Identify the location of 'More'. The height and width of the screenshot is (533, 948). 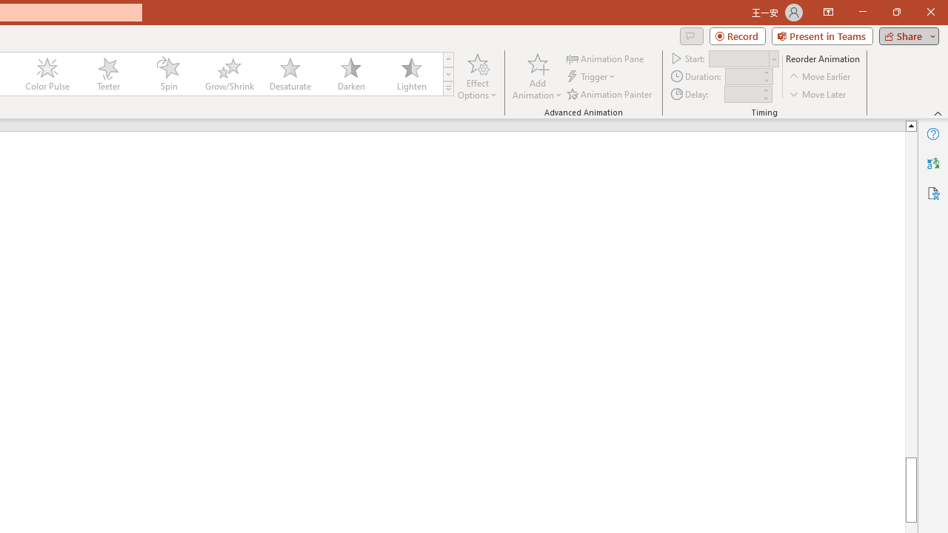
(765, 90).